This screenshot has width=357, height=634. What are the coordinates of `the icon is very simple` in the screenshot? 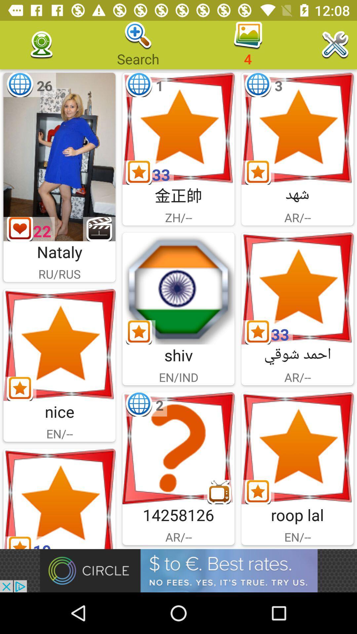 It's located at (178, 288).